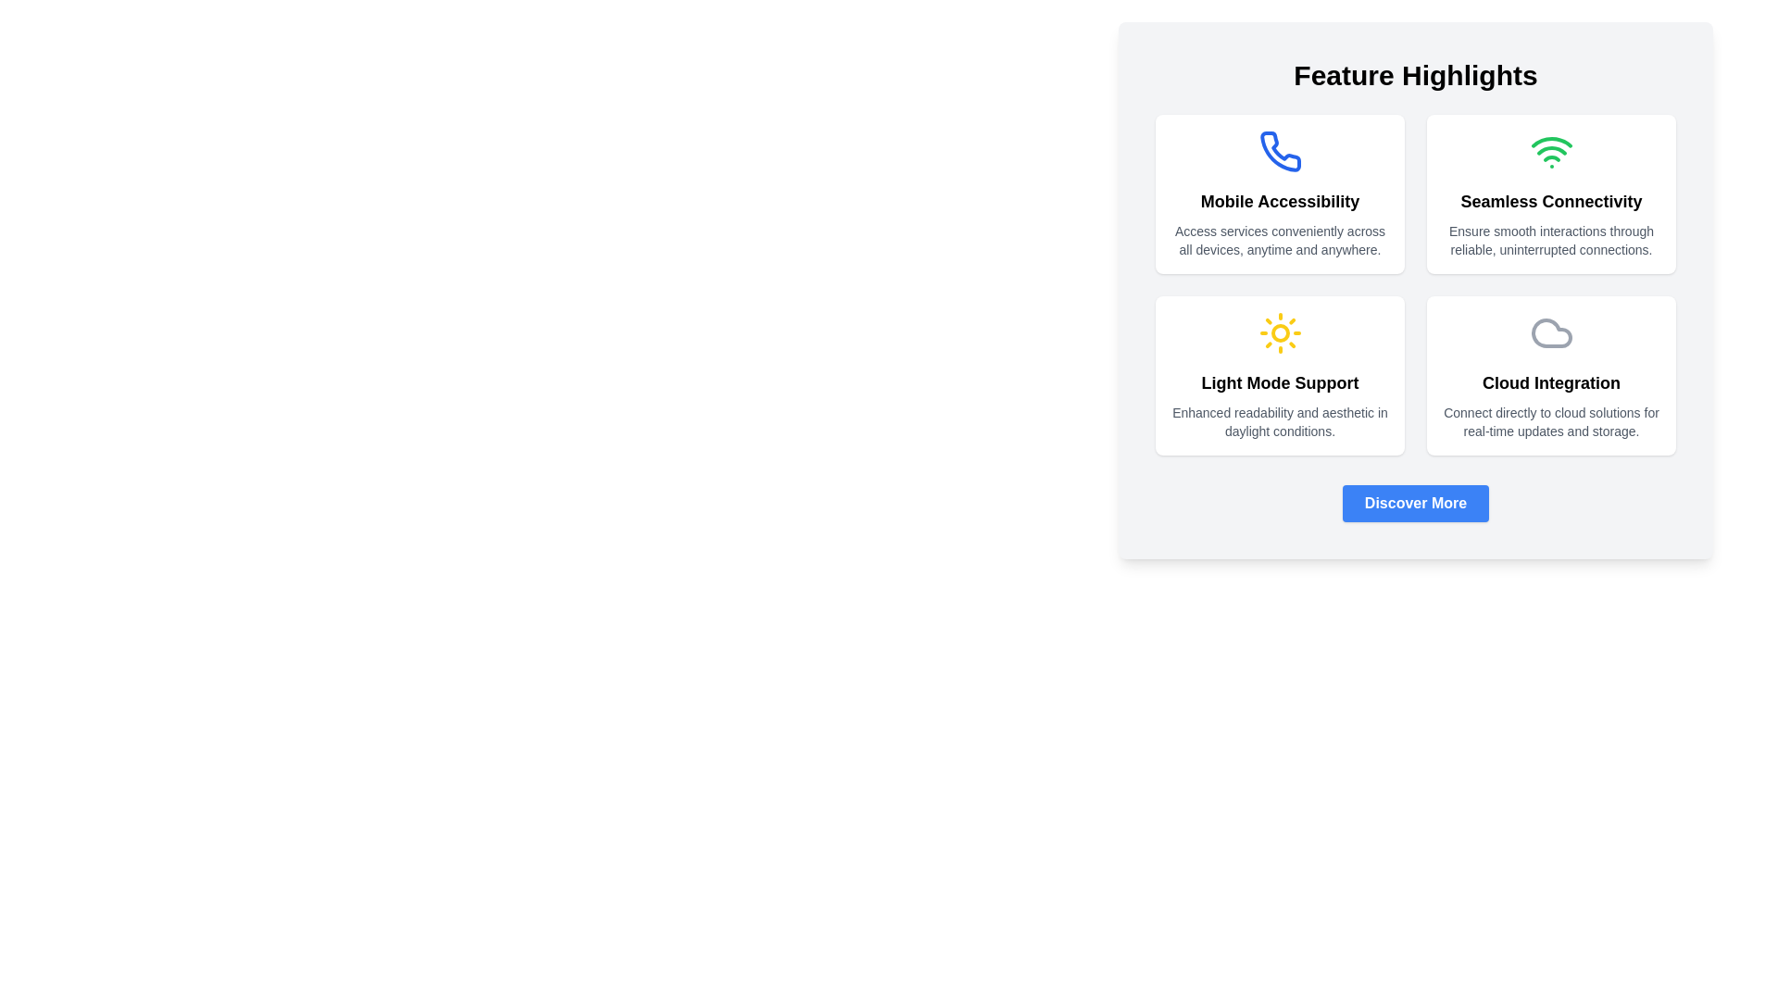 The height and width of the screenshot is (1000, 1778). I want to click on 'Cloud Integration' text label for debugging purposes, which is styled with a bold font and located in the lower-right box of a 2x2 grid in the highlighted feature section, so click(1551, 381).